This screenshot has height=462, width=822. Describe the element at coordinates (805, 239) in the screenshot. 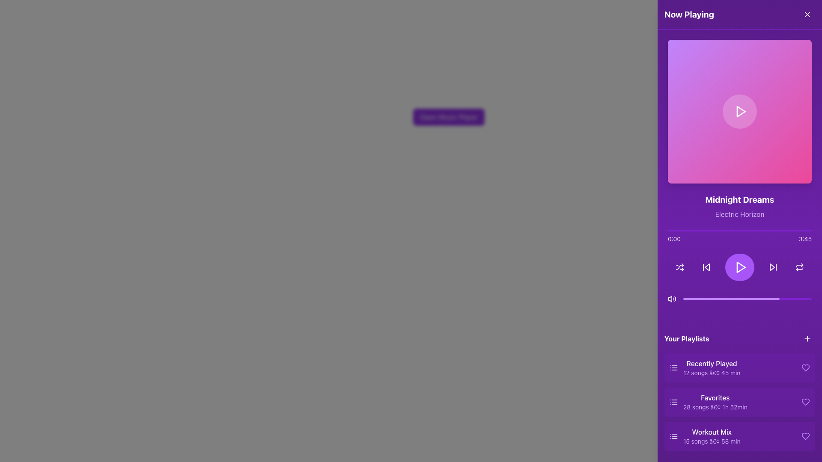

I see `the text label displaying the time '3:45' near the upper right side of the audio playback timeline` at that location.